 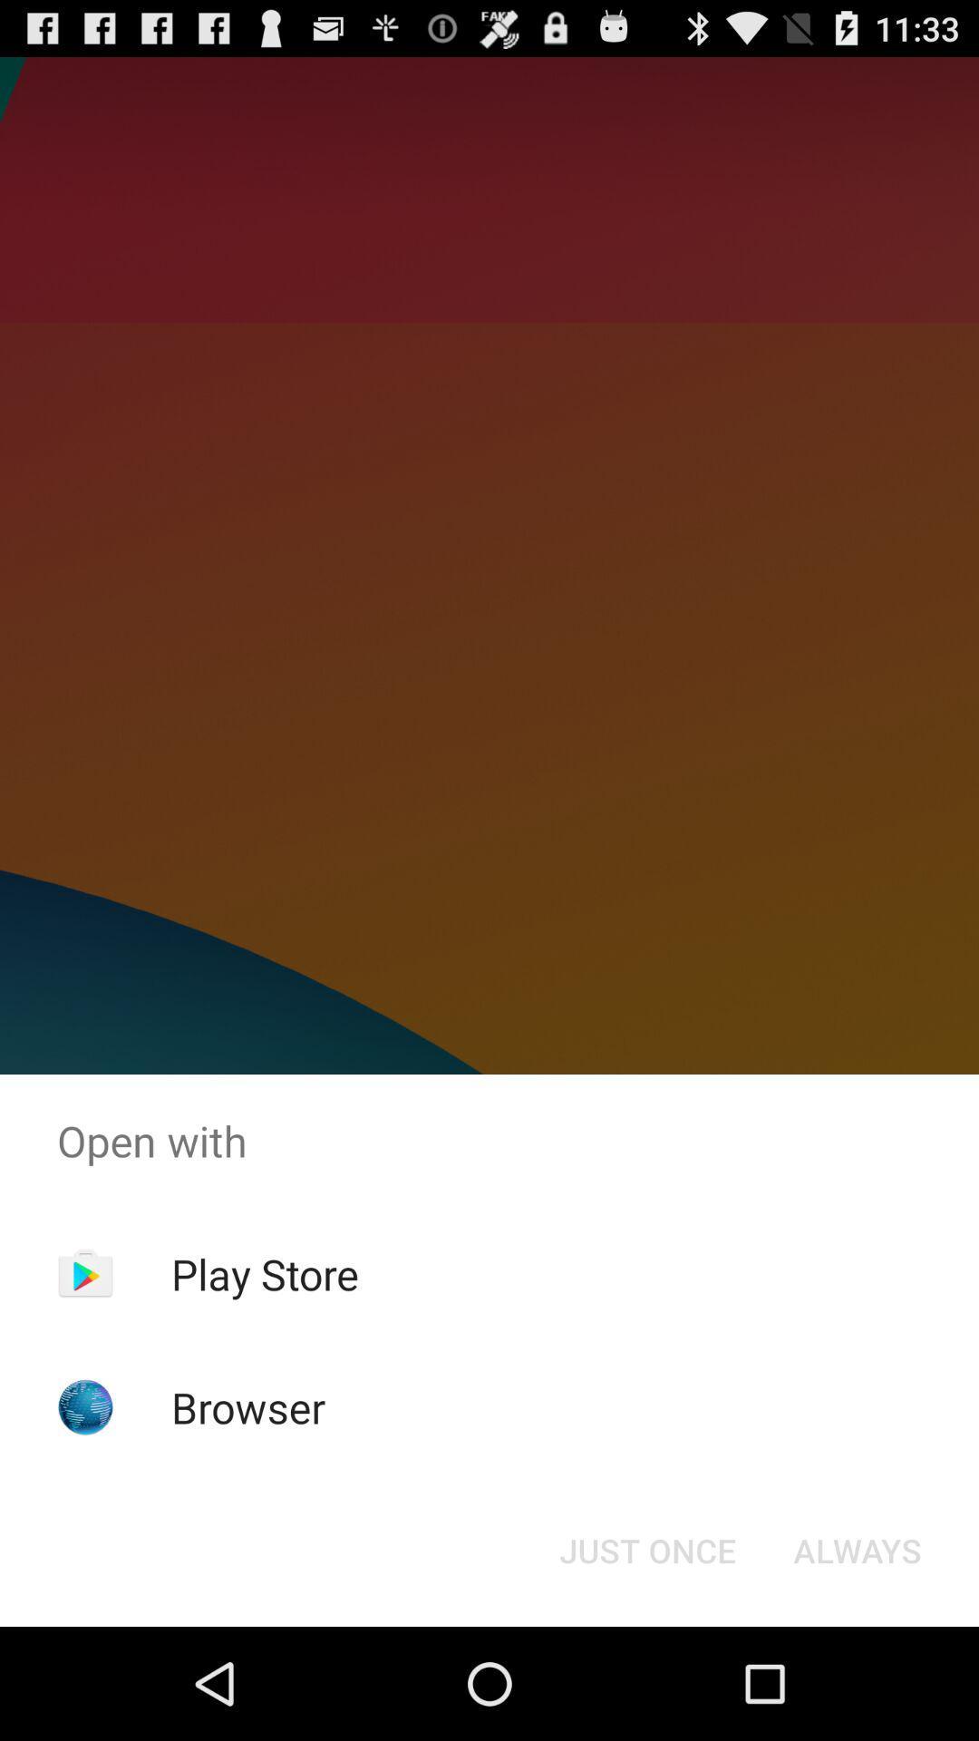 What do you see at coordinates (646, 1549) in the screenshot?
I see `just once at the bottom` at bounding box center [646, 1549].